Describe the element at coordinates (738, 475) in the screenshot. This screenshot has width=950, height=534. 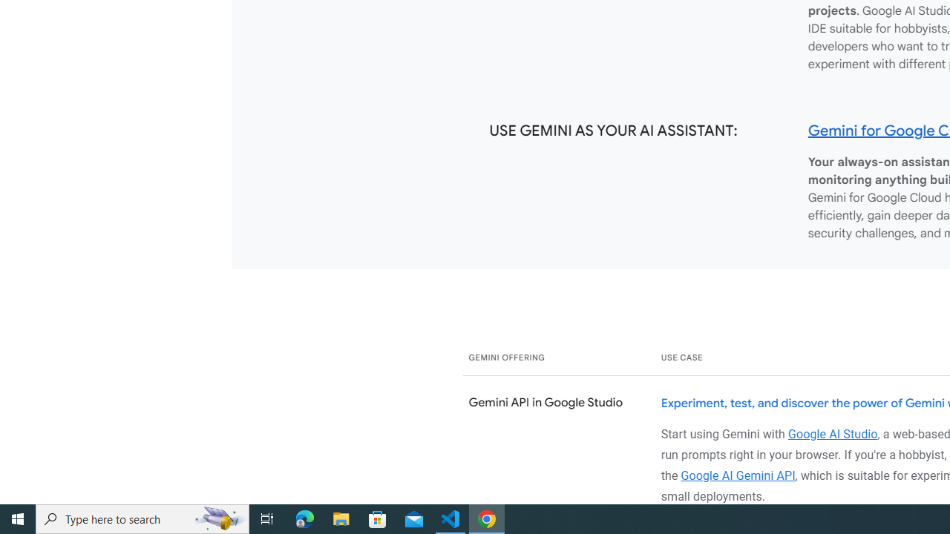
I see `'Google AI Gemini API'` at that location.